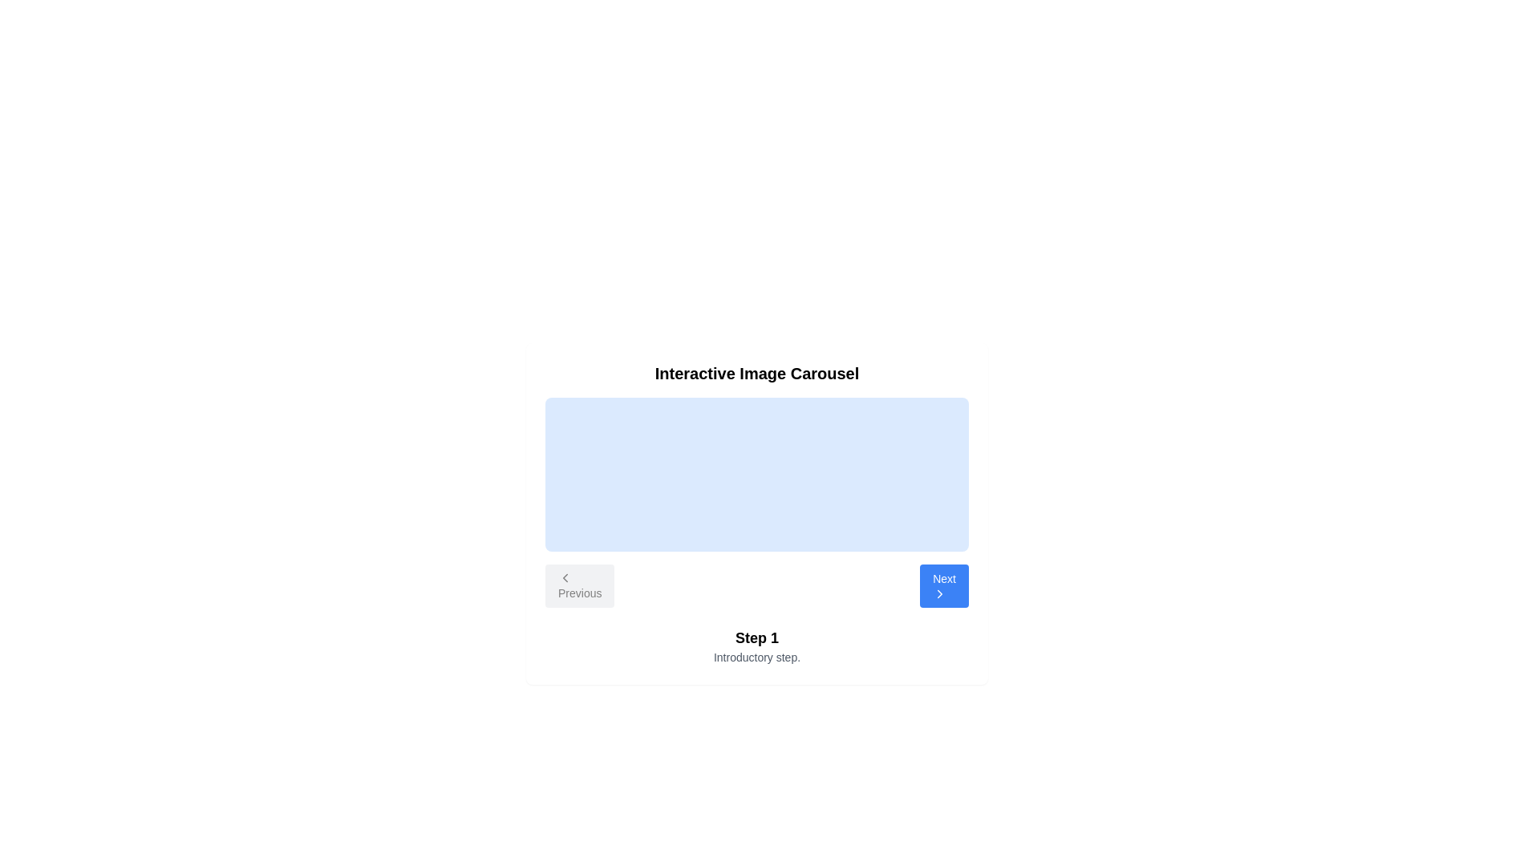 The height and width of the screenshot is (866, 1540). What do you see at coordinates (579, 586) in the screenshot?
I see `the navigation button located at the bottom left corner of the interface` at bounding box center [579, 586].